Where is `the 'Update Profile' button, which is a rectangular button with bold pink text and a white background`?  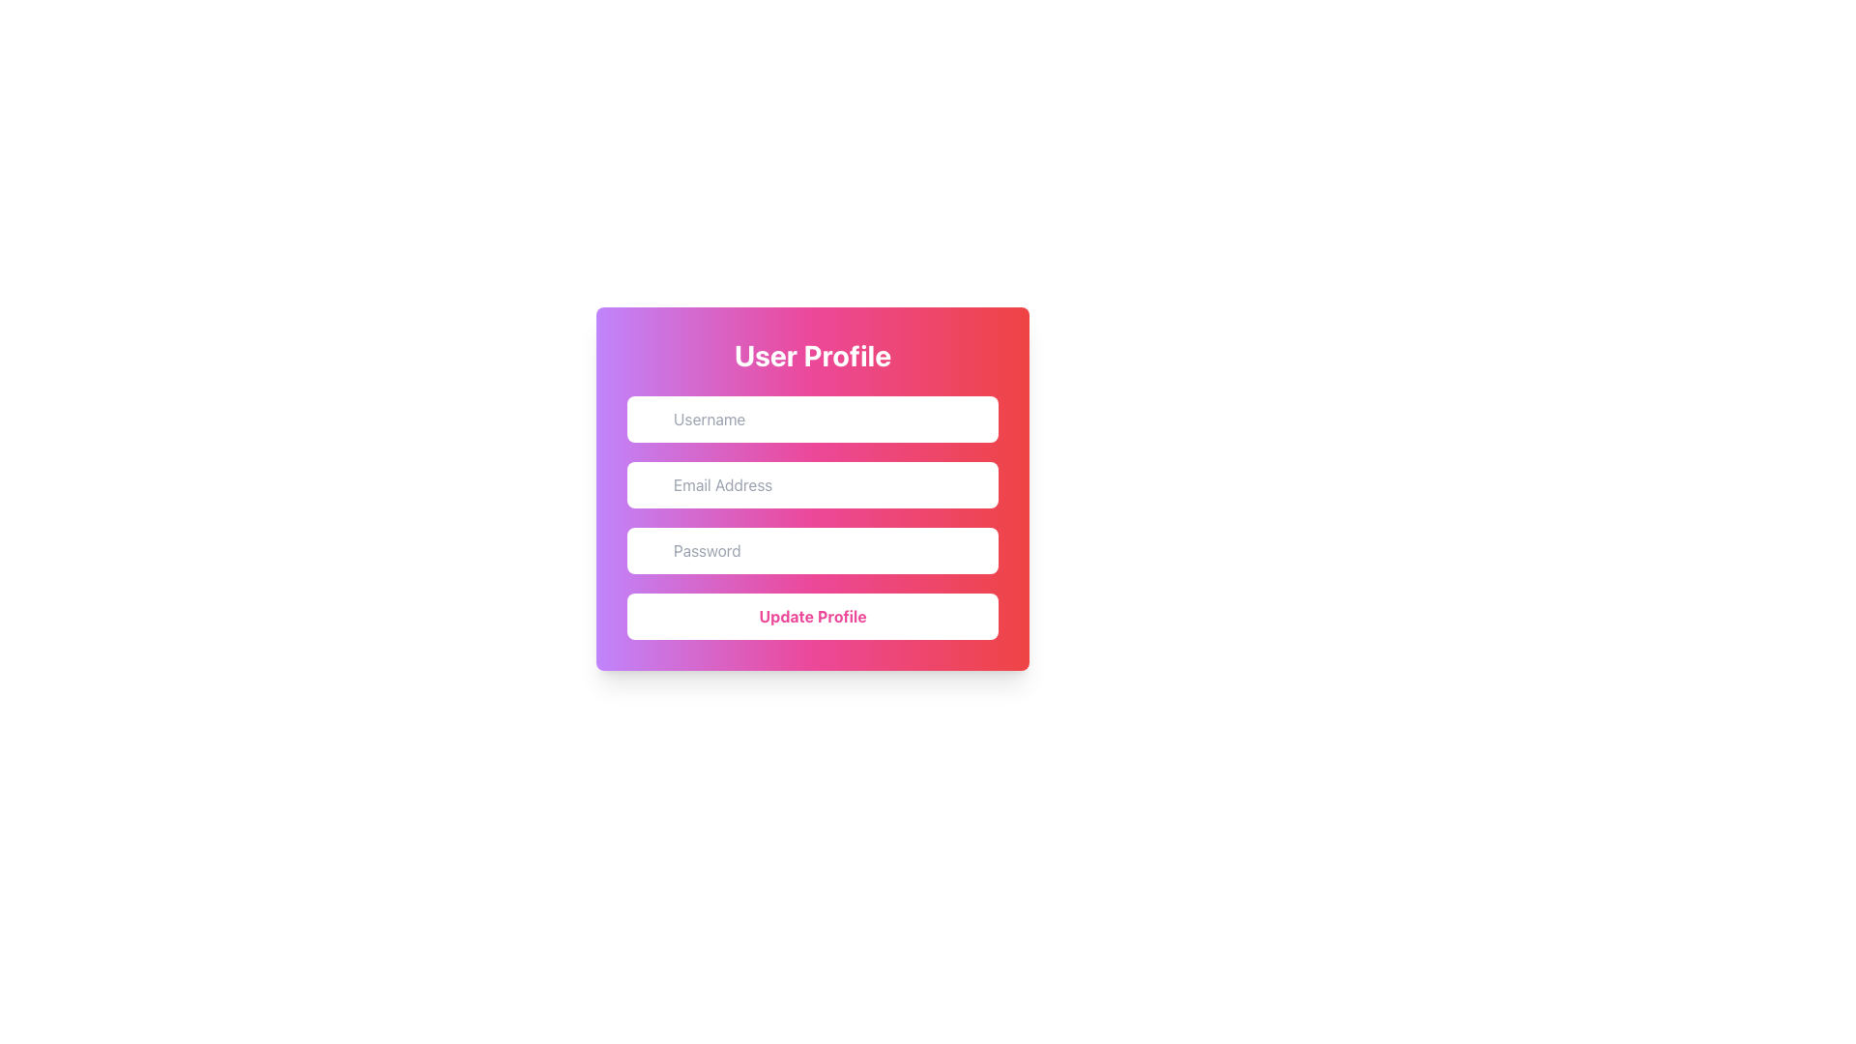
the 'Update Profile' button, which is a rectangular button with bold pink text and a white background is located at coordinates (812, 616).